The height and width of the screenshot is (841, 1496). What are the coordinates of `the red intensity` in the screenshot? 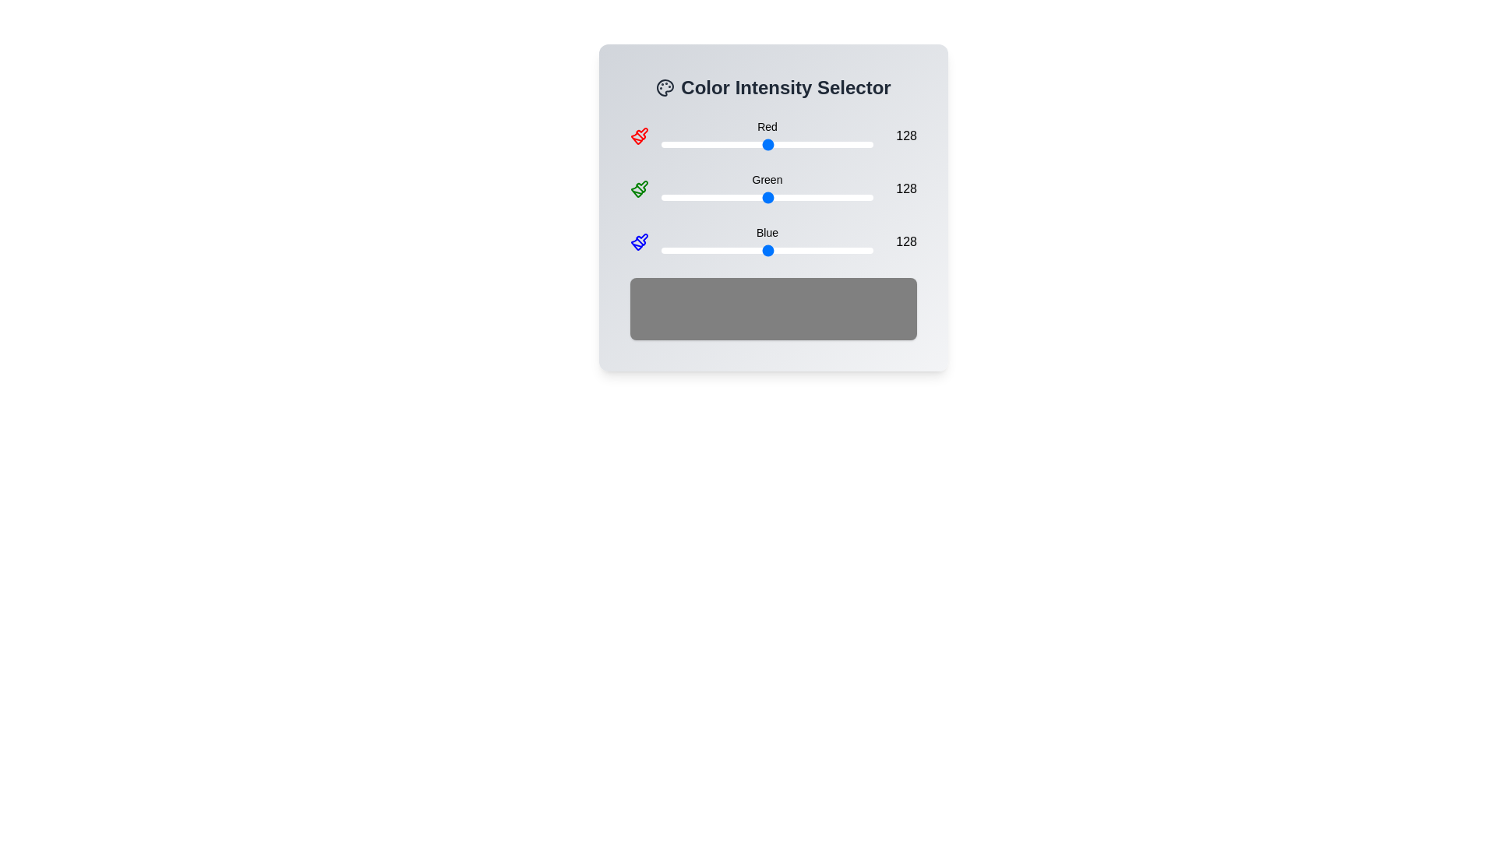 It's located at (753, 144).